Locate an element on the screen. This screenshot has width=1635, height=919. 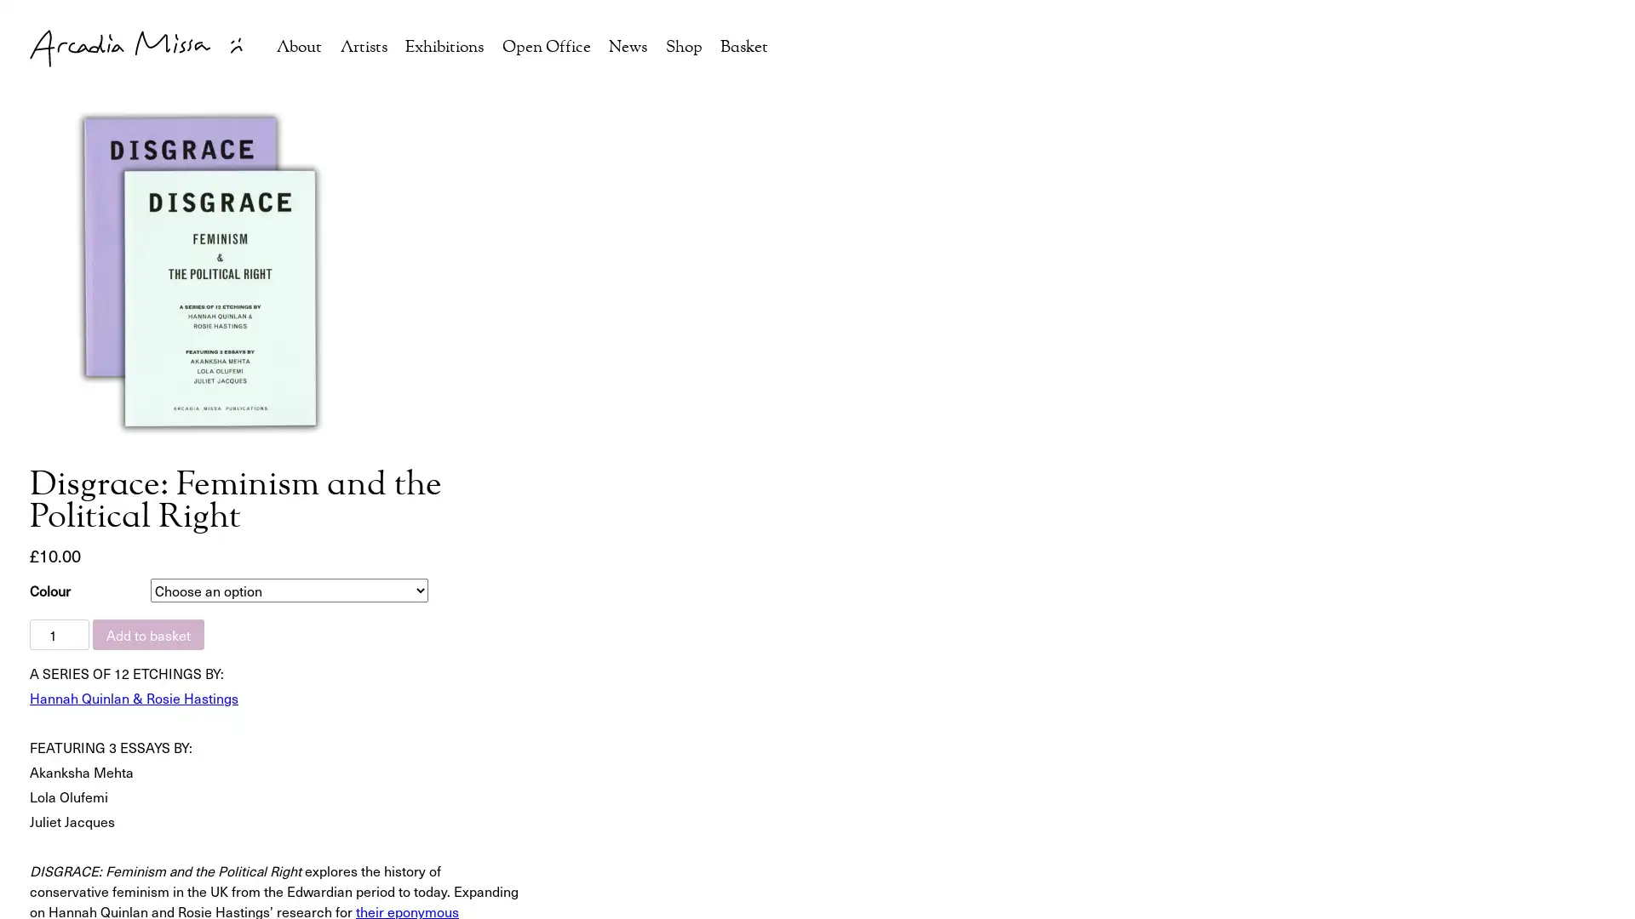
Add to basket is located at coordinates (148, 634).